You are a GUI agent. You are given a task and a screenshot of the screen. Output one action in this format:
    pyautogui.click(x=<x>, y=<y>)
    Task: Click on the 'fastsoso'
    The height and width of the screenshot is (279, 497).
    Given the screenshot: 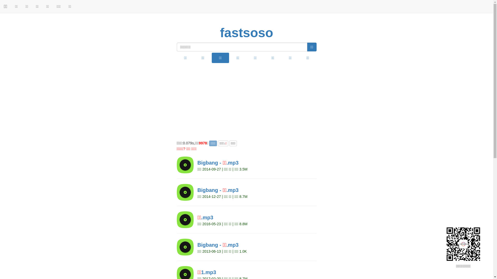 What is the action you would take?
    pyautogui.click(x=246, y=33)
    